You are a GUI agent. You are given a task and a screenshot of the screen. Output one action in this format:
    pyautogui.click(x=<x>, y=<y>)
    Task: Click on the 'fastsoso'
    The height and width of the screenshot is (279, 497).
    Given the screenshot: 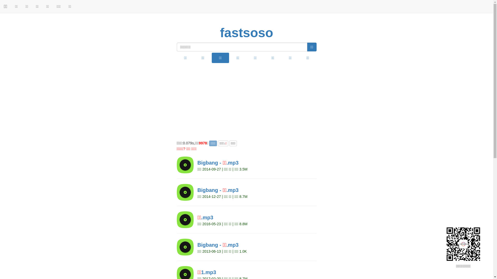 What is the action you would take?
    pyautogui.click(x=246, y=33)
    